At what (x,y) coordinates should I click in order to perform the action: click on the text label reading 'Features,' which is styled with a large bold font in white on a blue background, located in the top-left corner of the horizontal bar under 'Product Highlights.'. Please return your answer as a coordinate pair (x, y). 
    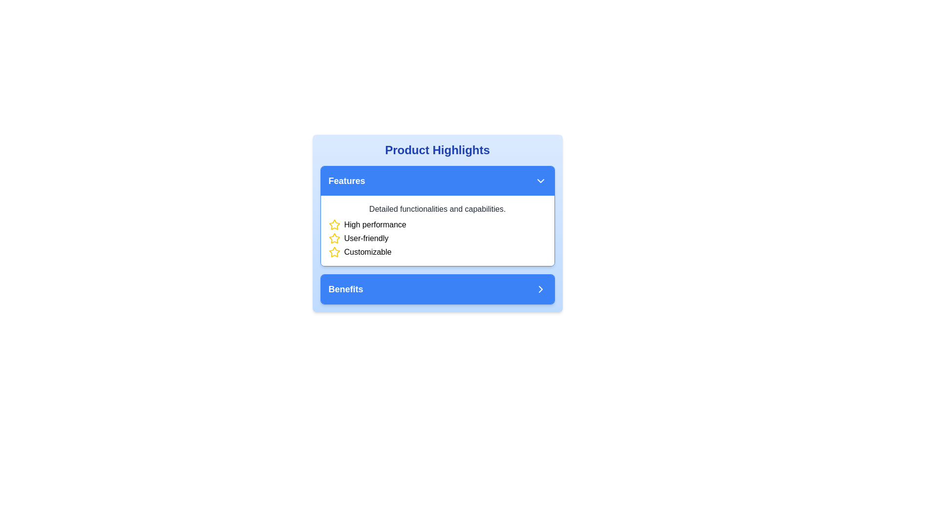
    Looking at the image, I should click on (347, 181).